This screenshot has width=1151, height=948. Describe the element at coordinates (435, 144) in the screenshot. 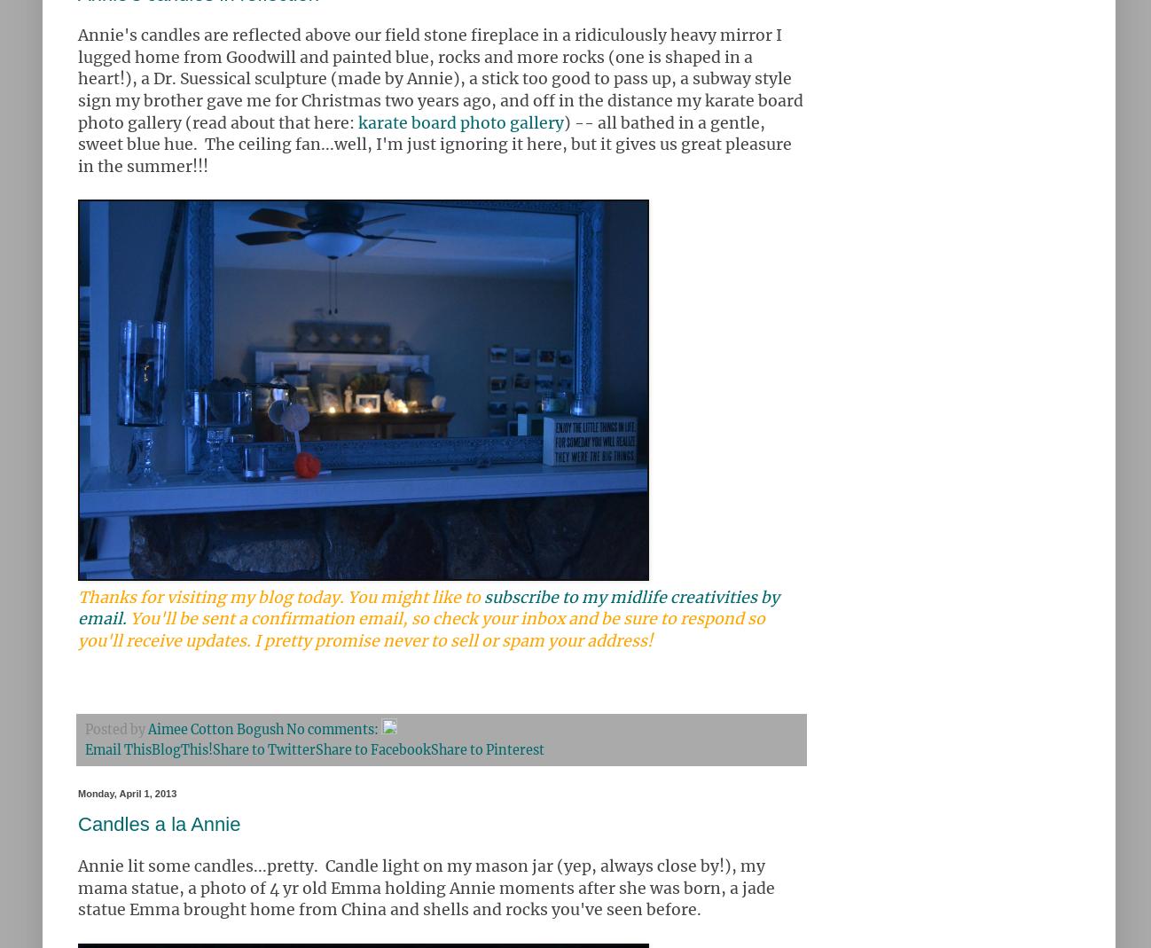

I see `') -- all bathed in a gentle, sweet blue hue.  The ceiling fan...well, I'm just ignoring it here, but it gives us great pleasure in the summer!!!'` at that location.